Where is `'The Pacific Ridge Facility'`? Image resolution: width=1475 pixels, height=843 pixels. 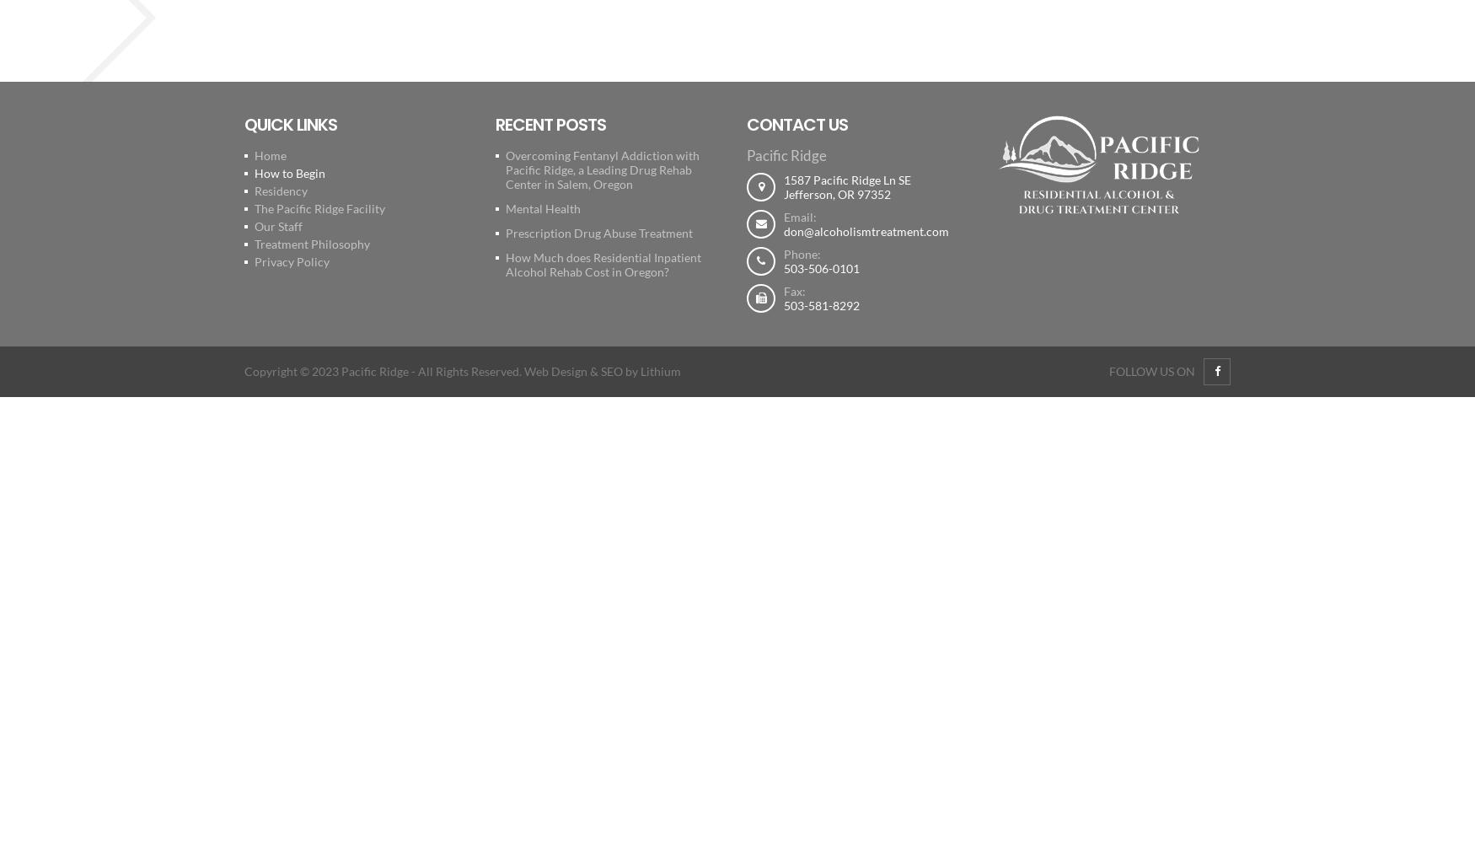 'The Pacific Ridge Facility' is located at coordinates (319, 207).